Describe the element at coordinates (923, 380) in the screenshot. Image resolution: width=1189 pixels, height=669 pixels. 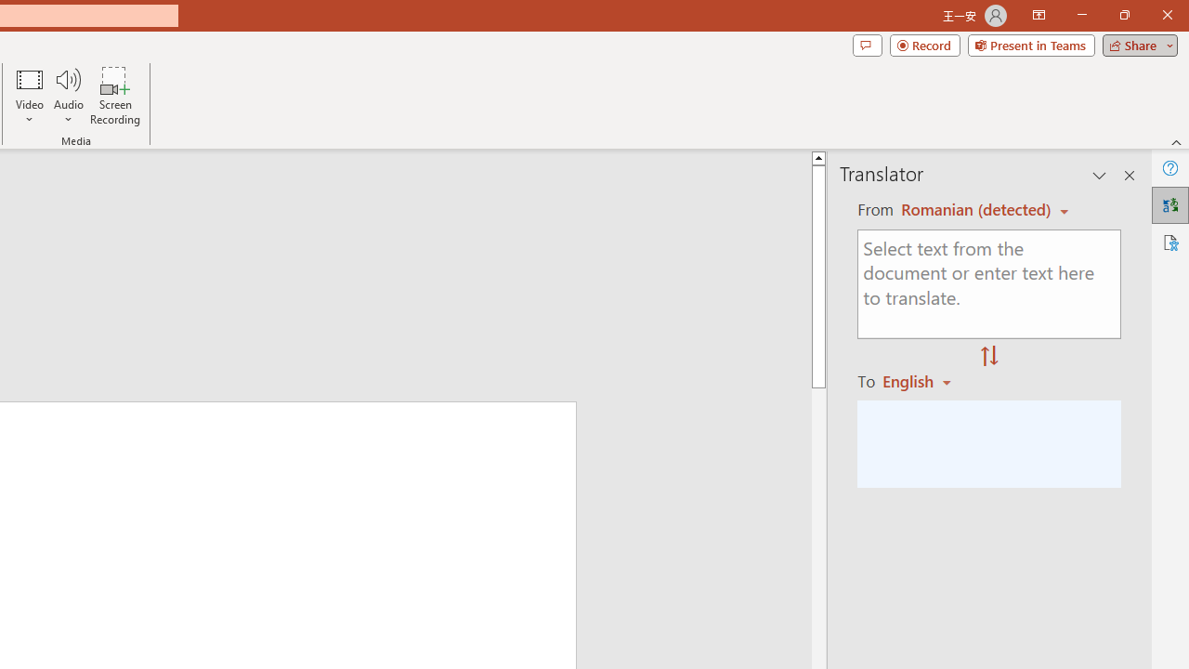
I see `'Romanian'` at that location.